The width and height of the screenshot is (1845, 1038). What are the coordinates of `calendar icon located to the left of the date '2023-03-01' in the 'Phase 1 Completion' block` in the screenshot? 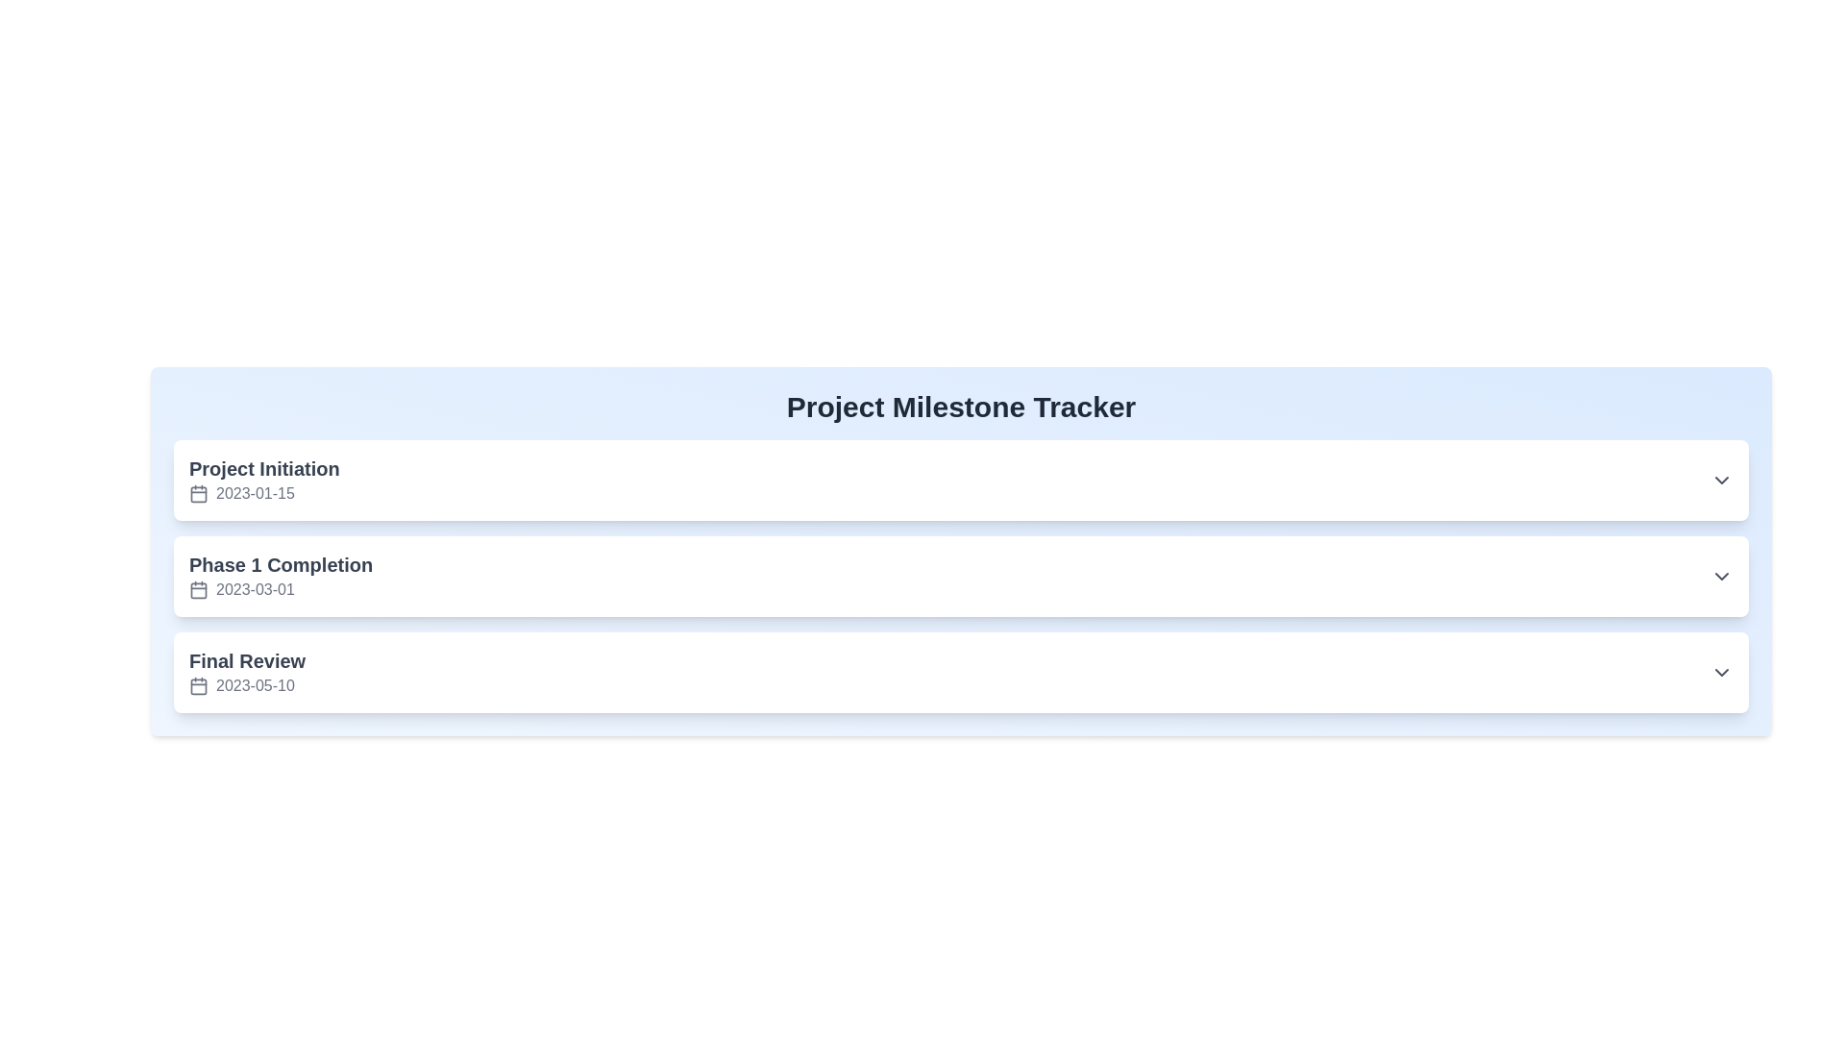 It's located at (198, 588).